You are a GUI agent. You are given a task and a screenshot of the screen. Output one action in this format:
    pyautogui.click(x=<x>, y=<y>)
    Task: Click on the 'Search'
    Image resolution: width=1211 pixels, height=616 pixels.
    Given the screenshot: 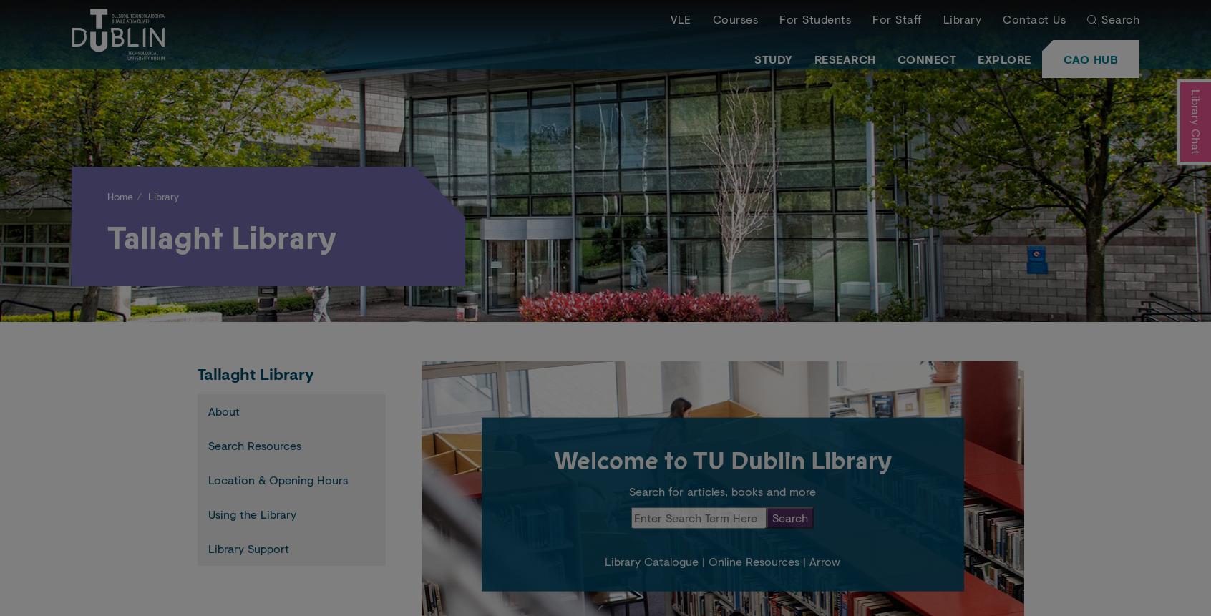 What is the action you would take?
    pyautogui.click(x=772, y=516)
    